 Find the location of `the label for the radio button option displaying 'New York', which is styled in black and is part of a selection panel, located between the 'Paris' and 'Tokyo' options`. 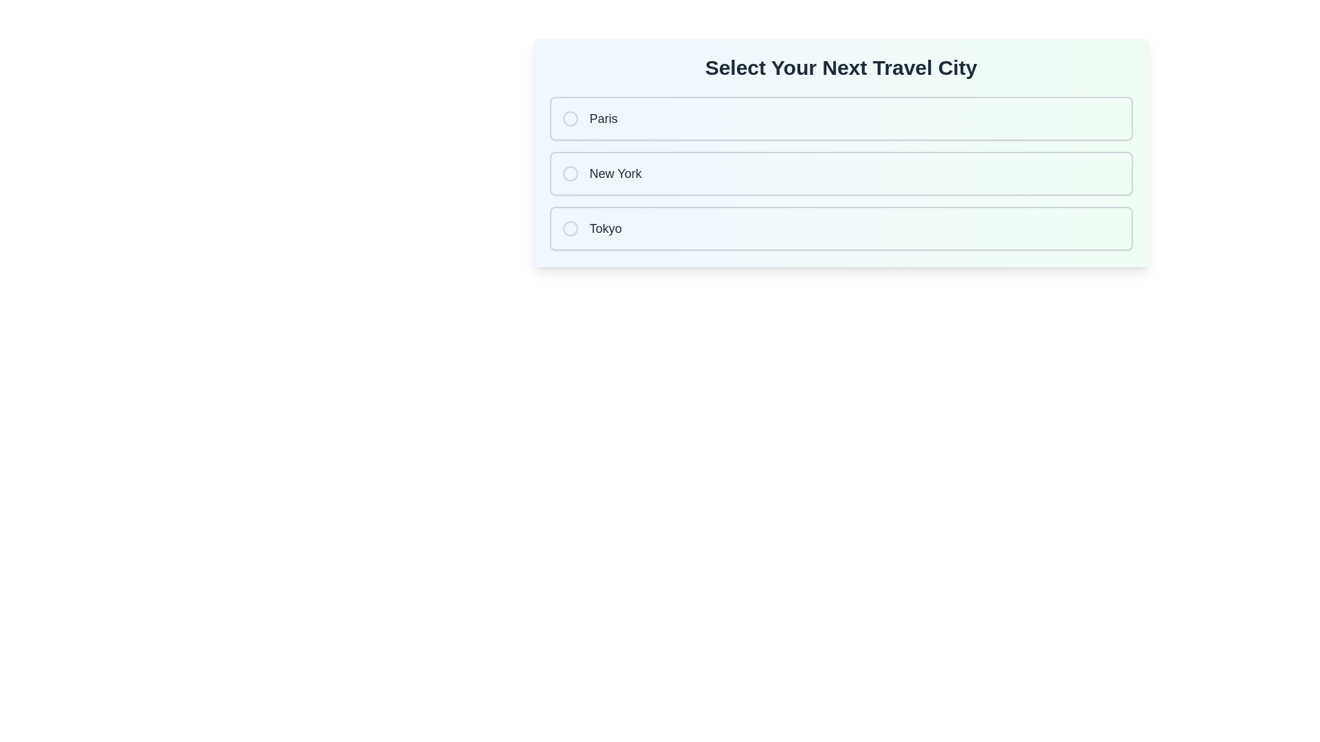

the label for the radio button option displaying 'New York', which is styled in black and is part of a selection panel, located between the 'Paris' and 'Tokyo' options is located at coordinates (615, 173).